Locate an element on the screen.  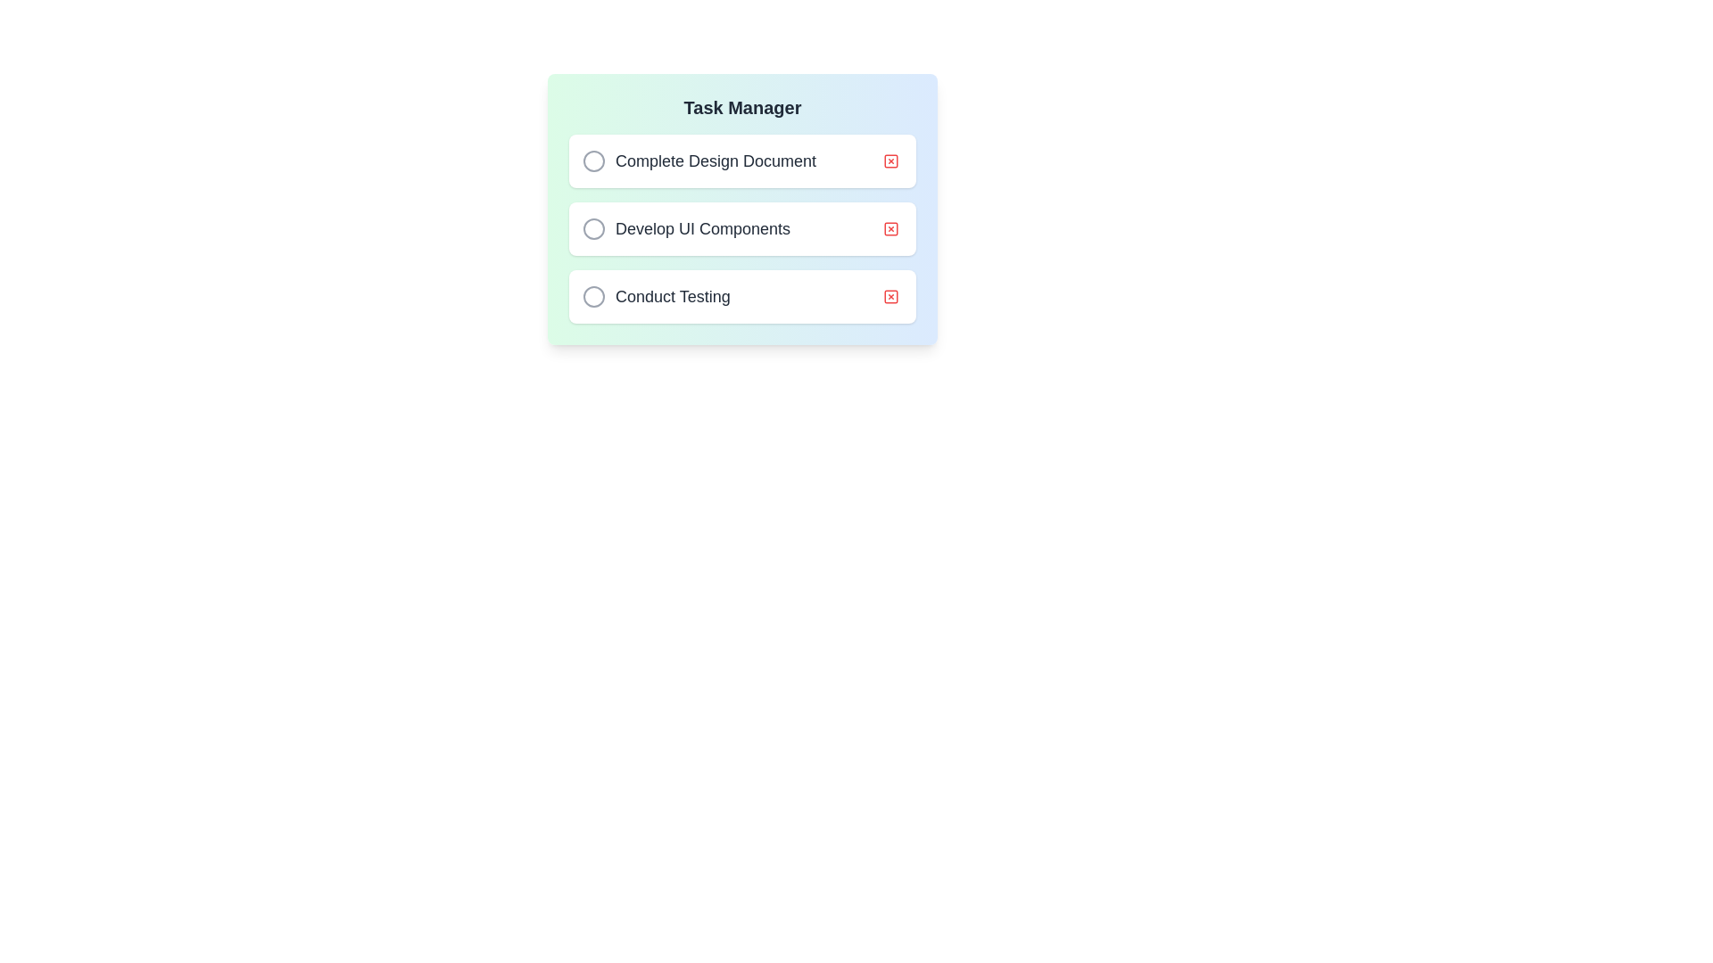
the red 'X' button is located at coordinates (890, 228).